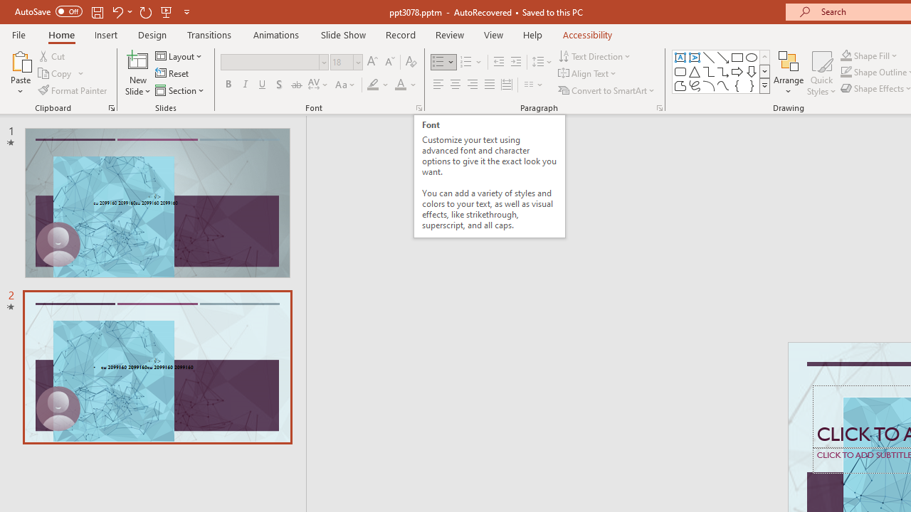  What do you see at coordinates (695, 57) in the screenshot?
I see `'Vertical Text Box'` at bounding box center [695, 57].